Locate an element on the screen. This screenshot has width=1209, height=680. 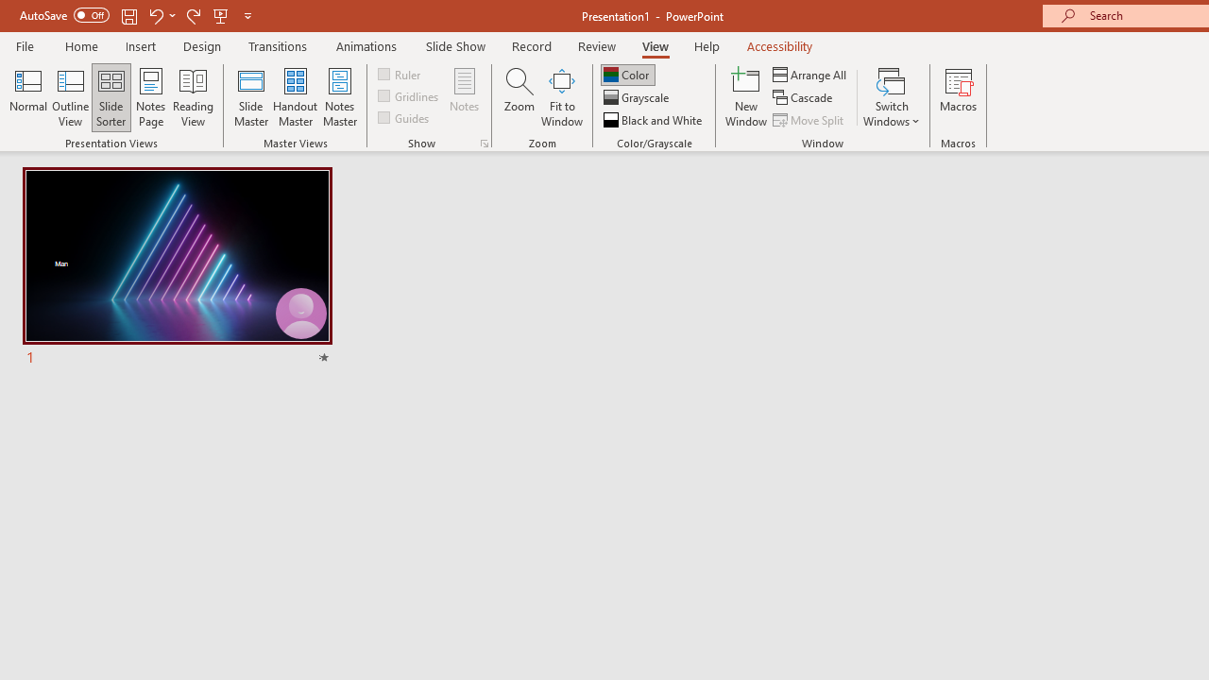
'Notes' is located at coordinates (465, 97).